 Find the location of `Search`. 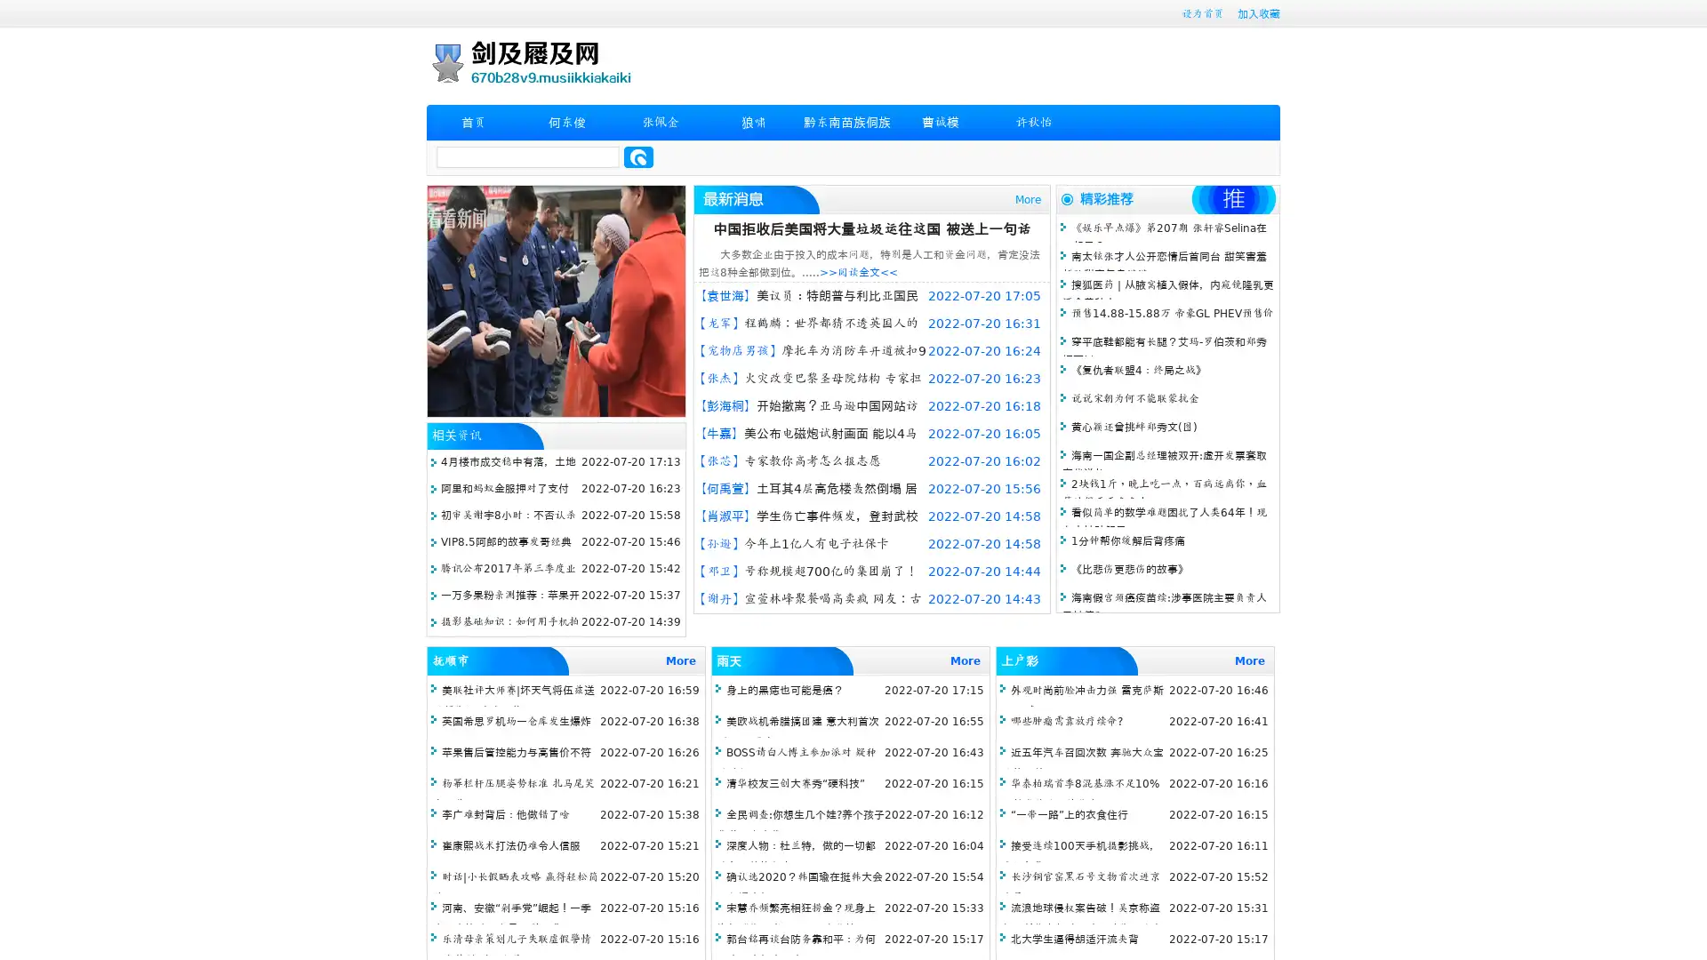

Search is located at coordinates (638, 156).